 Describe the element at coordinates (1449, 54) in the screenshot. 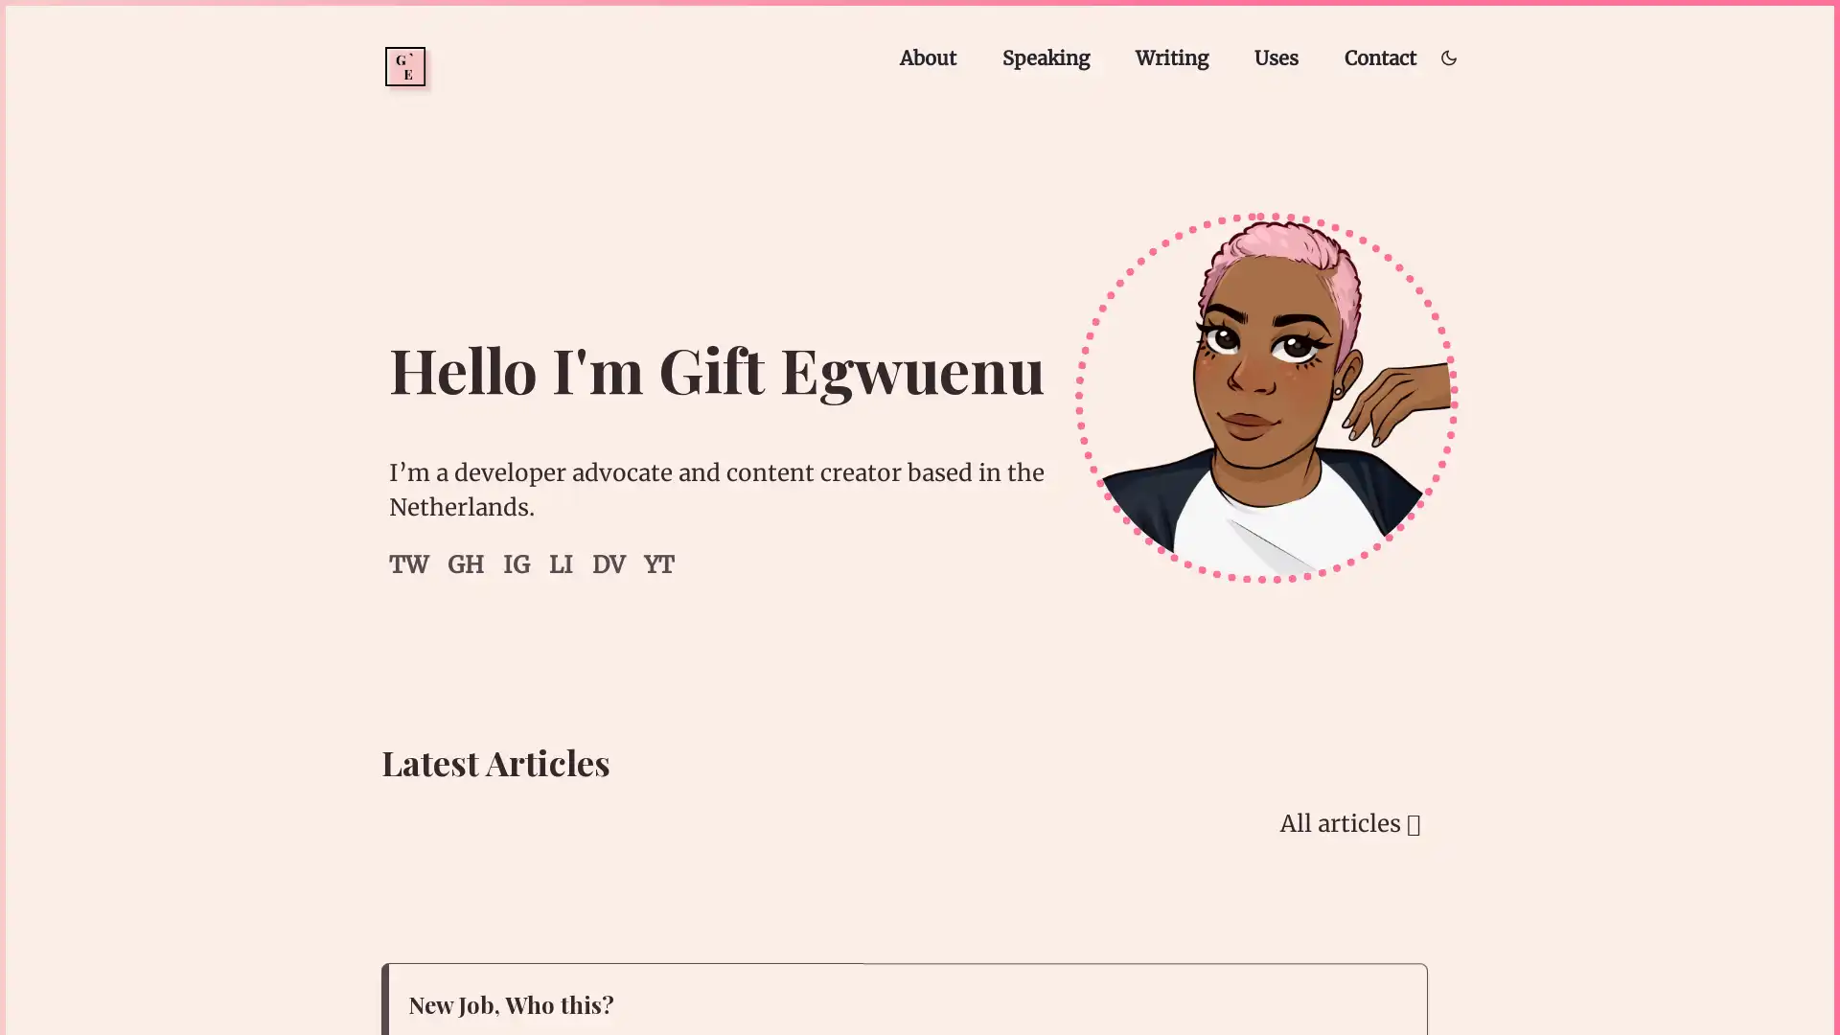

I see `Toggle dark/light` at that location.